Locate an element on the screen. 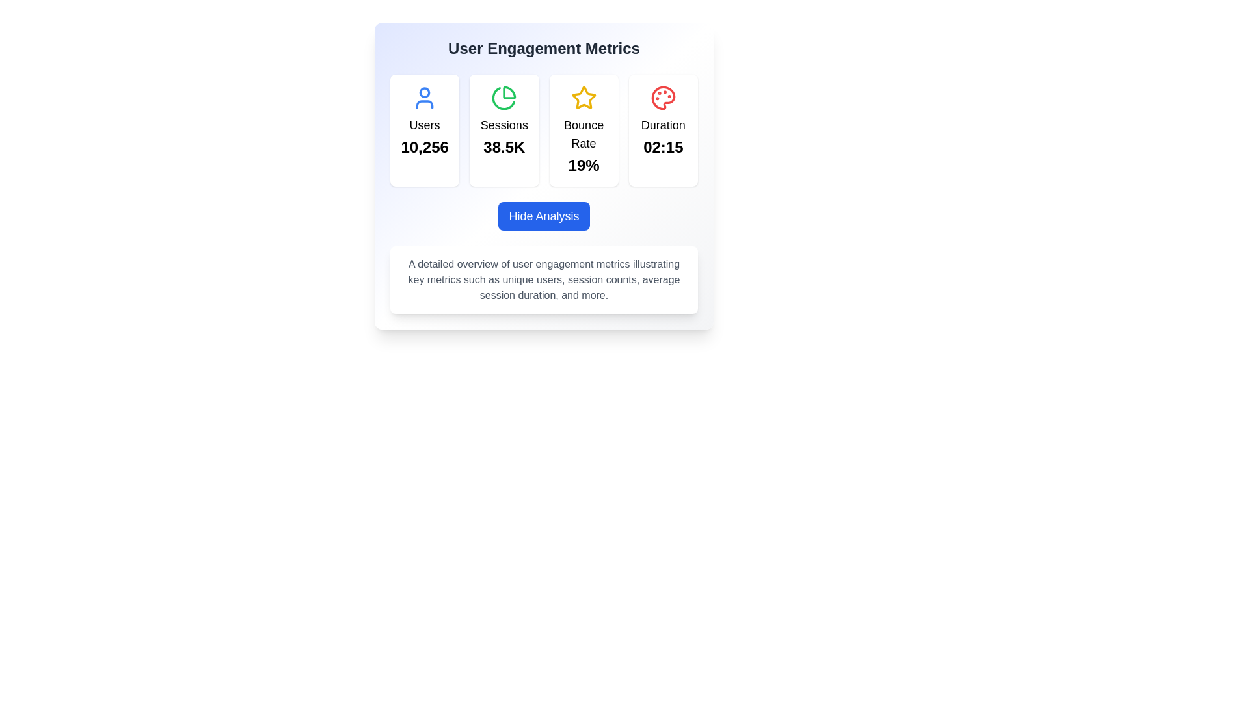  the text element displaying 'User Engagement Metrics' which is styled in bold and large dark gray font, located at the top center of the card layout is located at coordinates (544, 47).